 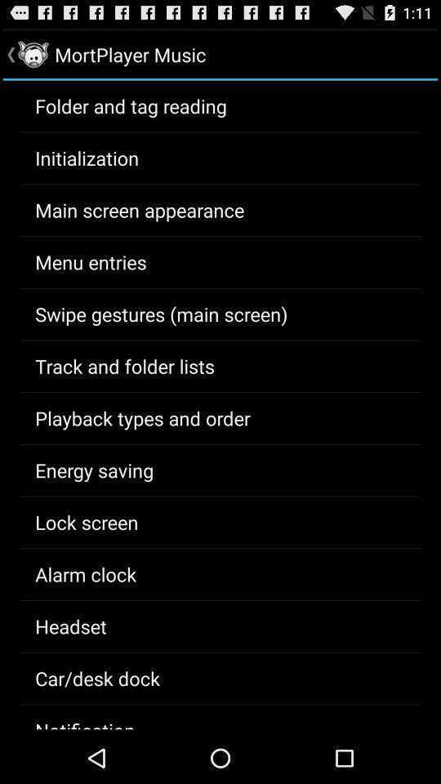 I want to click on the item above main screen appearance item, so click(x=87, y=158).